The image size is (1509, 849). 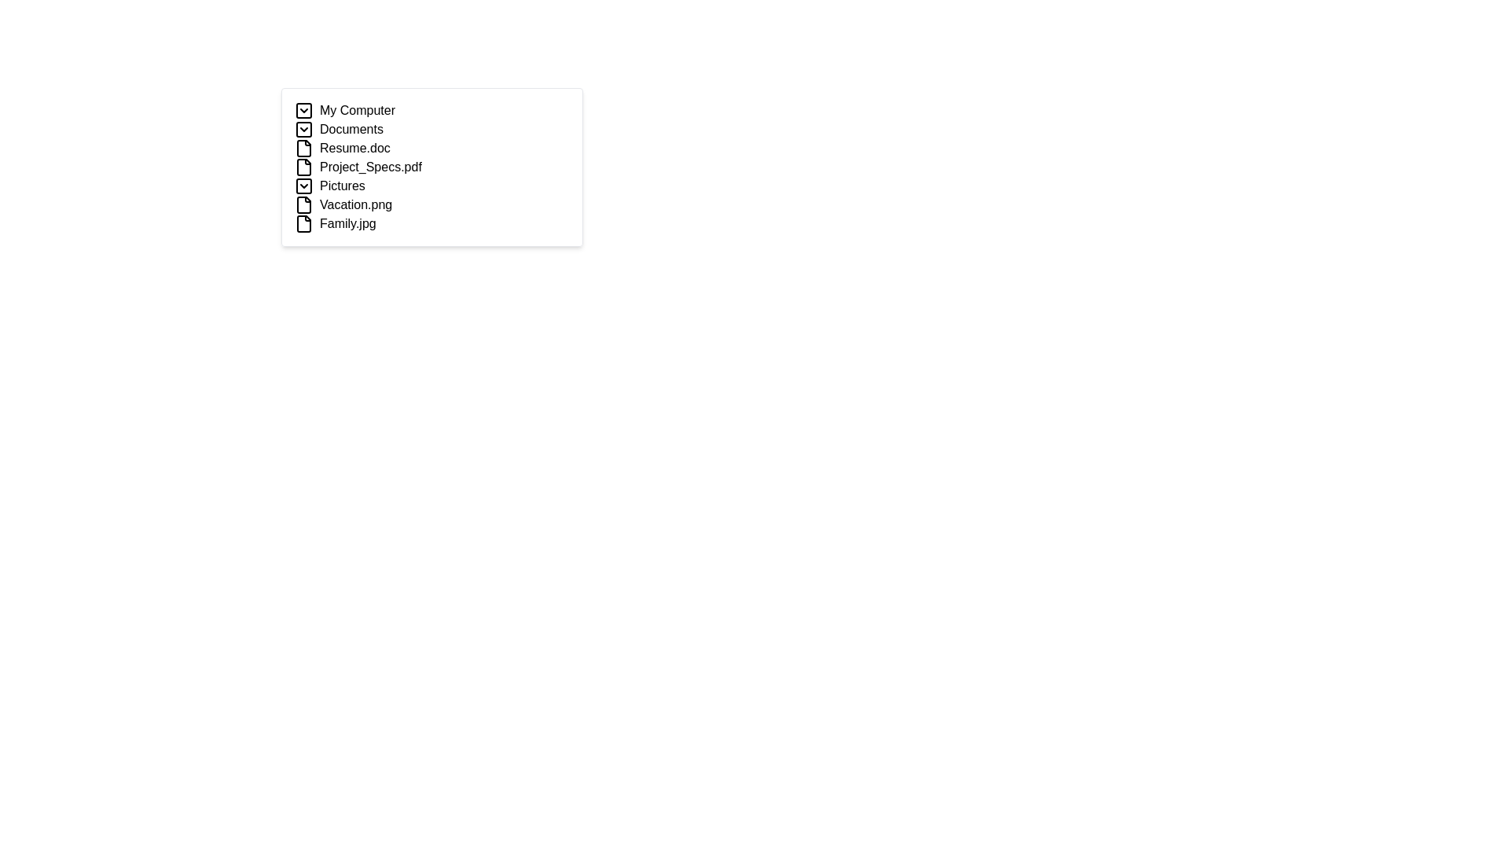 I want to click on the text label 'Family.jpg', which is the seventh entry, so click(x=347, y=224).